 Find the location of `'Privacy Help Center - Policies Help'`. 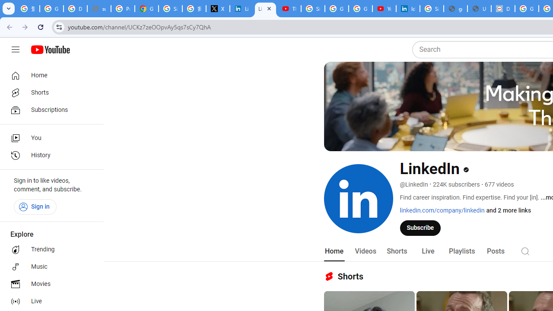

'Privacy Help Center - Policies Help' is located at coordinates (122, 9).